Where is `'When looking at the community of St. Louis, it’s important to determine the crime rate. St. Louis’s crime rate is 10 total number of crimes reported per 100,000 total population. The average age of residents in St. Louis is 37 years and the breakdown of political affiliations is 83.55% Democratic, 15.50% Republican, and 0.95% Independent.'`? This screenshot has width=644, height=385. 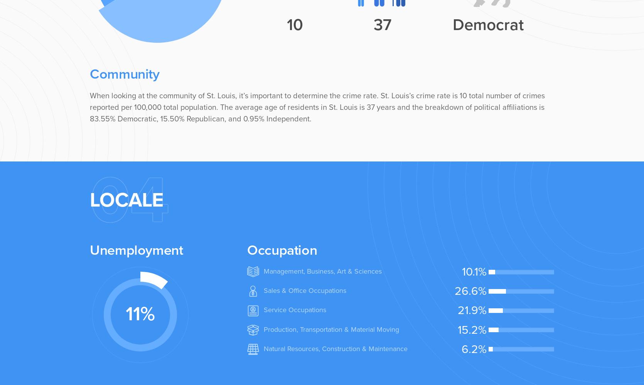
'When looking at the community of St. Louis, it’s important to determine the crime rate. St. Louis’s crime rate is 10 total number of crimes reported per 100,000 total population. The average age of residents in St. Louis is 37 years and the breakdown of political affiliations is 83.55% Democratic, 15.50% Republican, and 0.95% Independent.' is located at coordinates (317, 107).